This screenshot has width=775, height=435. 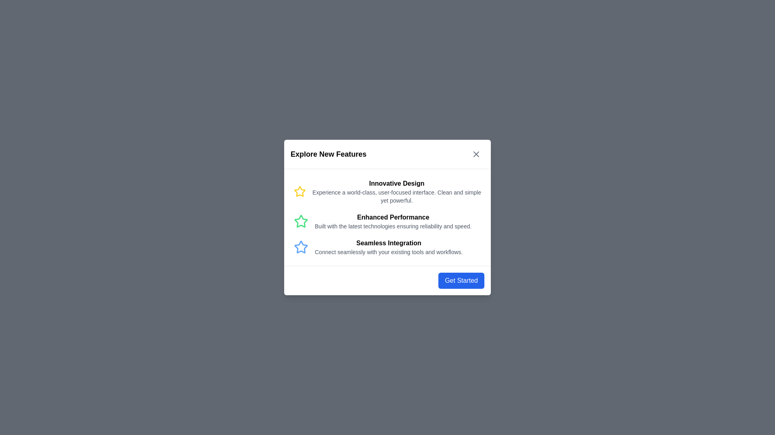 I want to click on the descriptive text that reads 'Built with the latest technologies ensuring reliability and speed.' which is positioned directly beneath the title 'Enhanced Performance', so click(x=393, y=226).